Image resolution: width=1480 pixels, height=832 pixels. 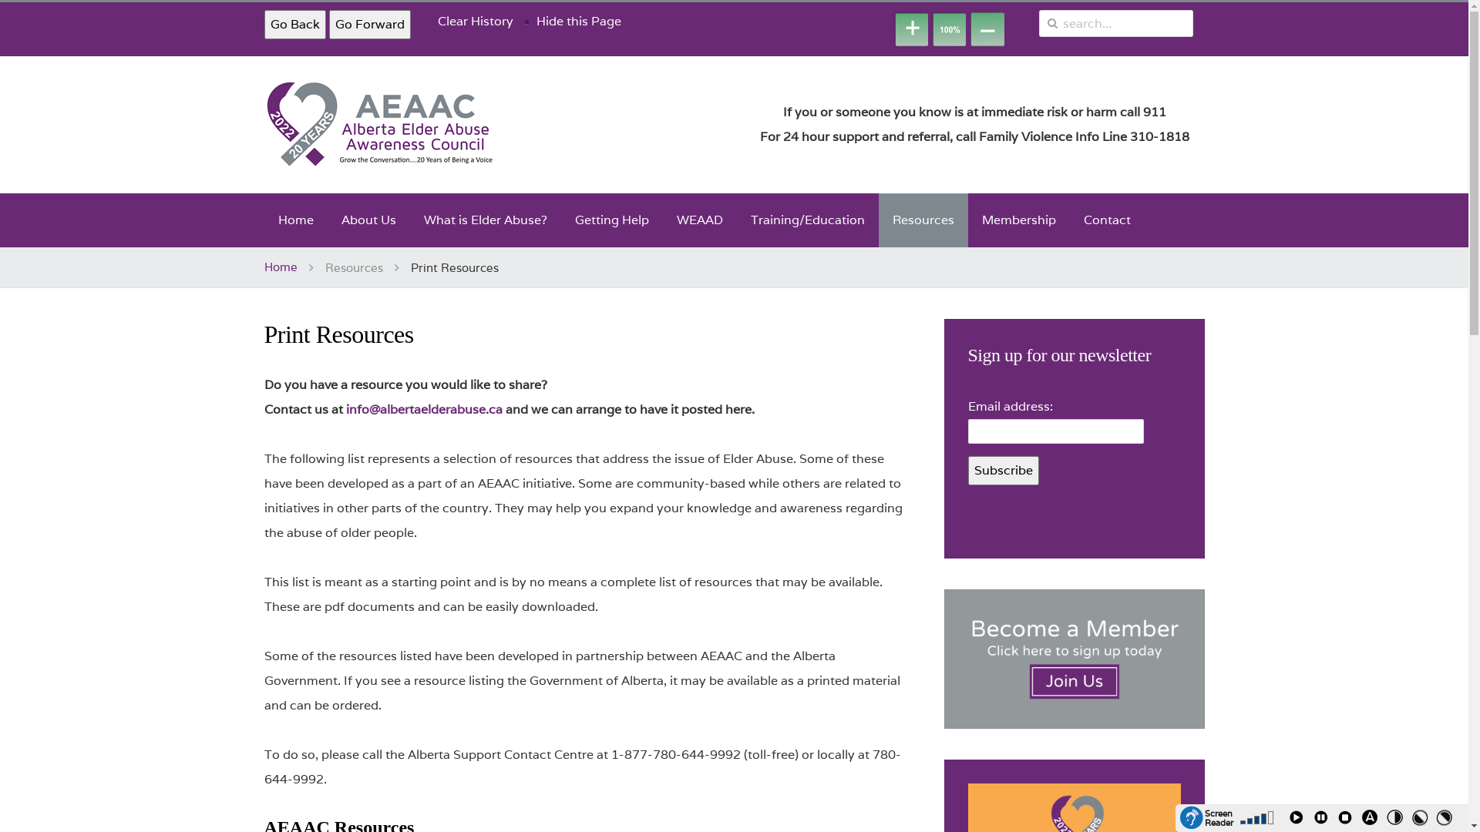 What do you see at coordinates (1003, 469) in the screenshot?
I see `'Subscribe'` at bounding box center [1003, 469].